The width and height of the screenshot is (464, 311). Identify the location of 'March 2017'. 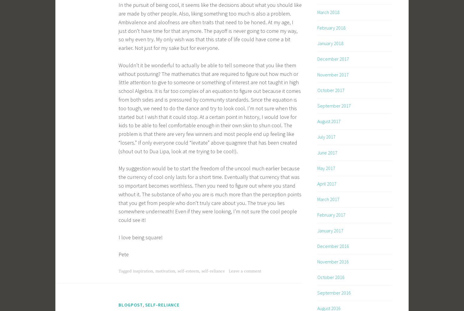
(328, 199).